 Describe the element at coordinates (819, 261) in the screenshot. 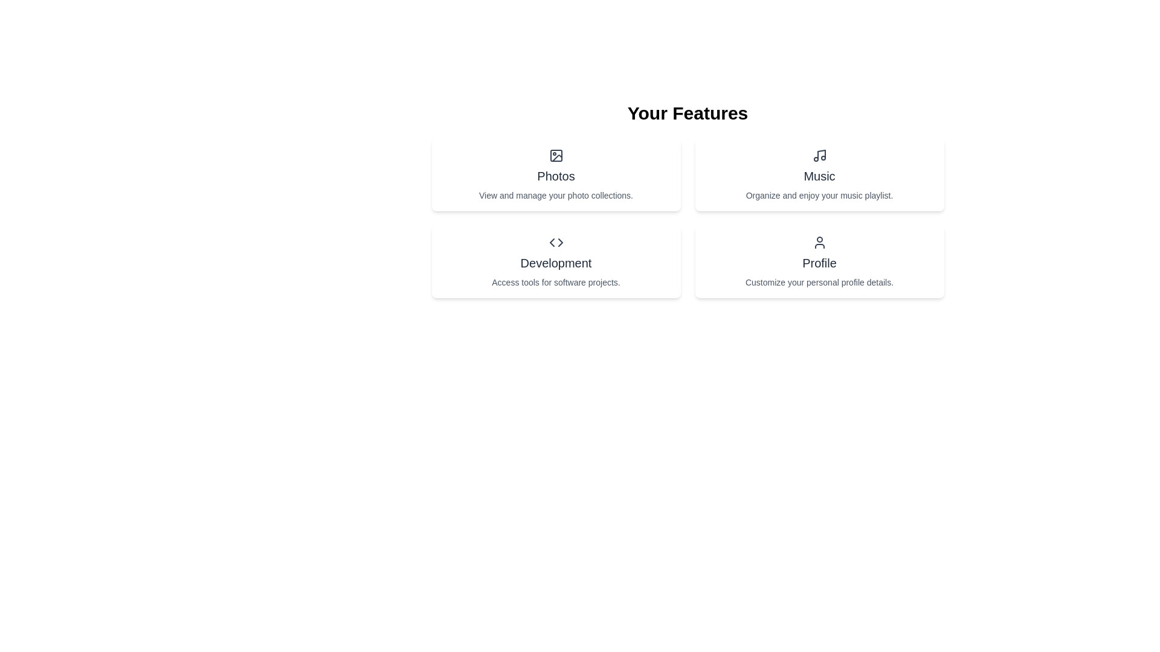

I see `the profile customization card located at the bottom-right corner of the grid layout` at that location.